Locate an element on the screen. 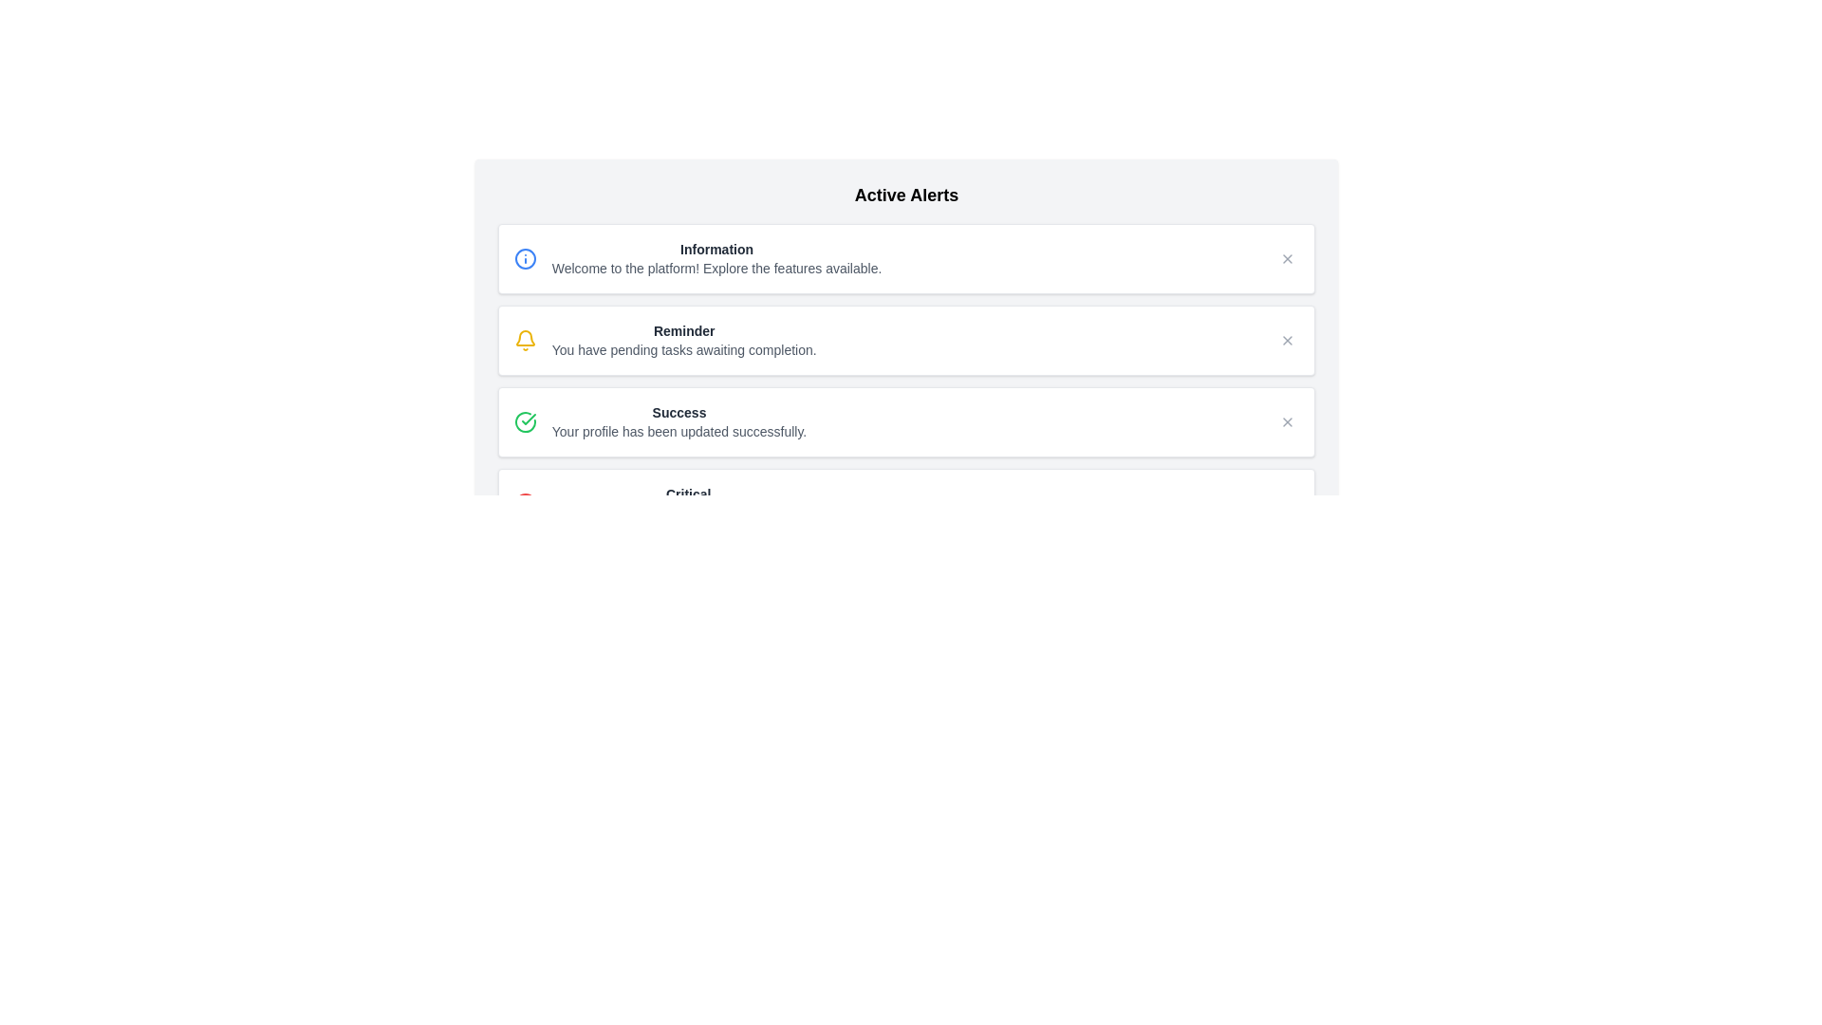 The height and width of the screenshot is (1025, 1822). the close icon button (an 'X' formed by two diagonal lines) located at the right-hand edge of the 'Reminder' alert is located at coordinates (1288, 339).